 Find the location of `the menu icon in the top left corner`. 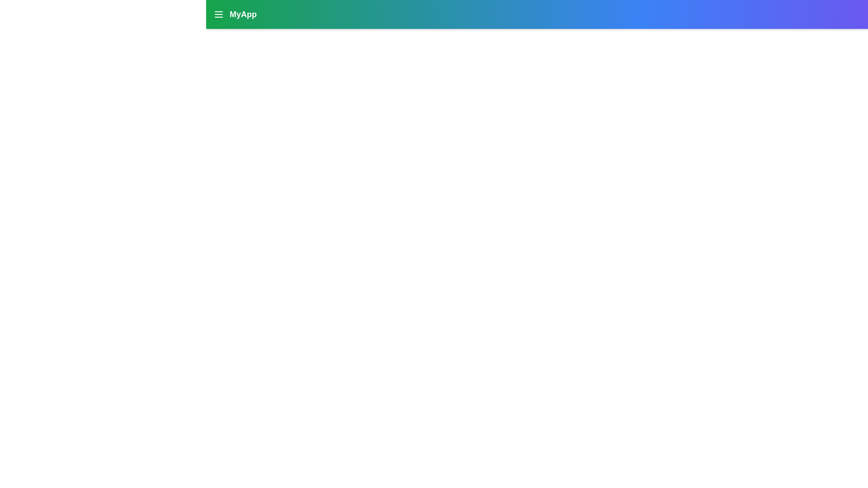

the menu icon in the top left corner is located at coordinates (219, 14).